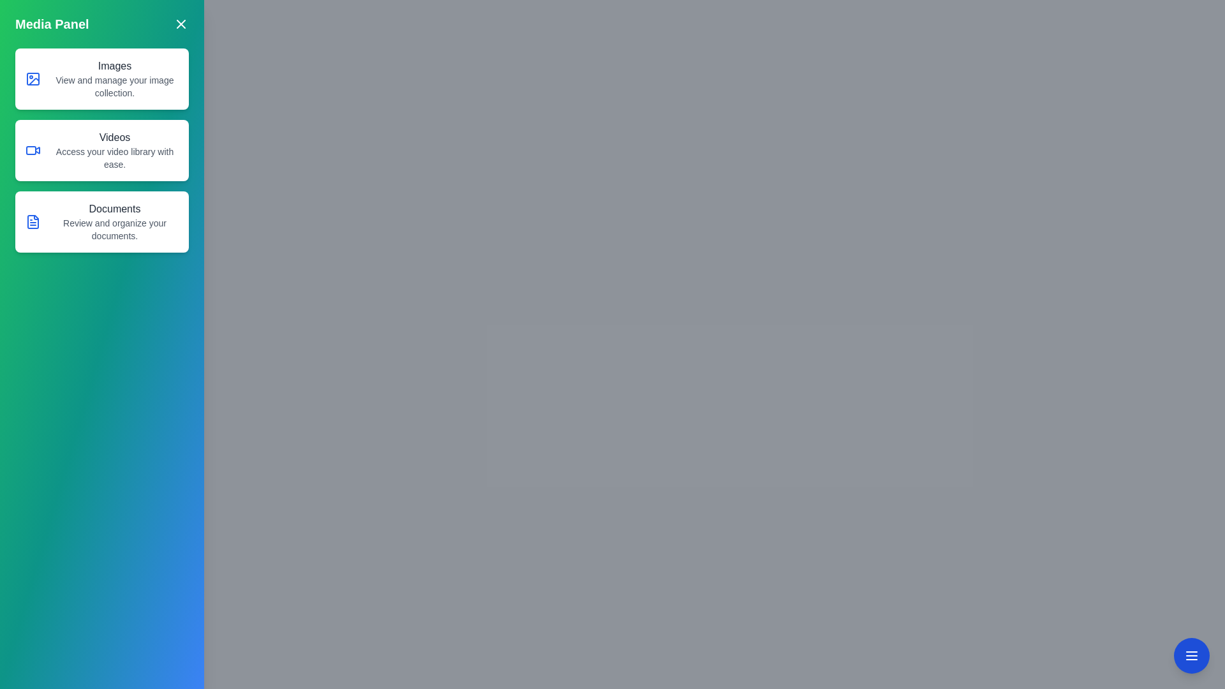 This screenshot has width=1225, height=689. I want to click on text from the Static Text Label that displays 'Access your video library with ease.' located in the 'Videos' section of the left-hand side panel, positioned below the heading 'Videos', so click(115, 157).